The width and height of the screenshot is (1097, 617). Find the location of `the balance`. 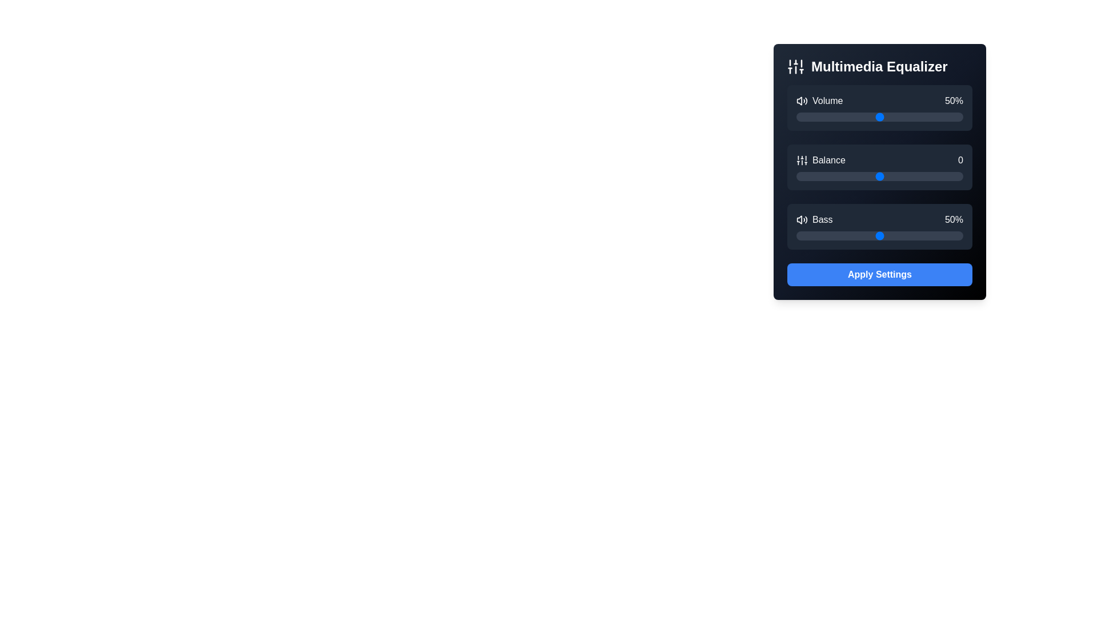

the balance is located at coordinates (833, 176).